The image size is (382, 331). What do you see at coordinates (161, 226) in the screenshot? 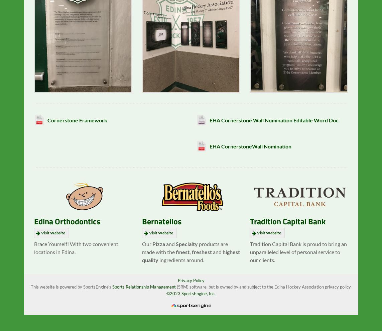
I see `'Bernatellos'` at bounding box center [161, 226].